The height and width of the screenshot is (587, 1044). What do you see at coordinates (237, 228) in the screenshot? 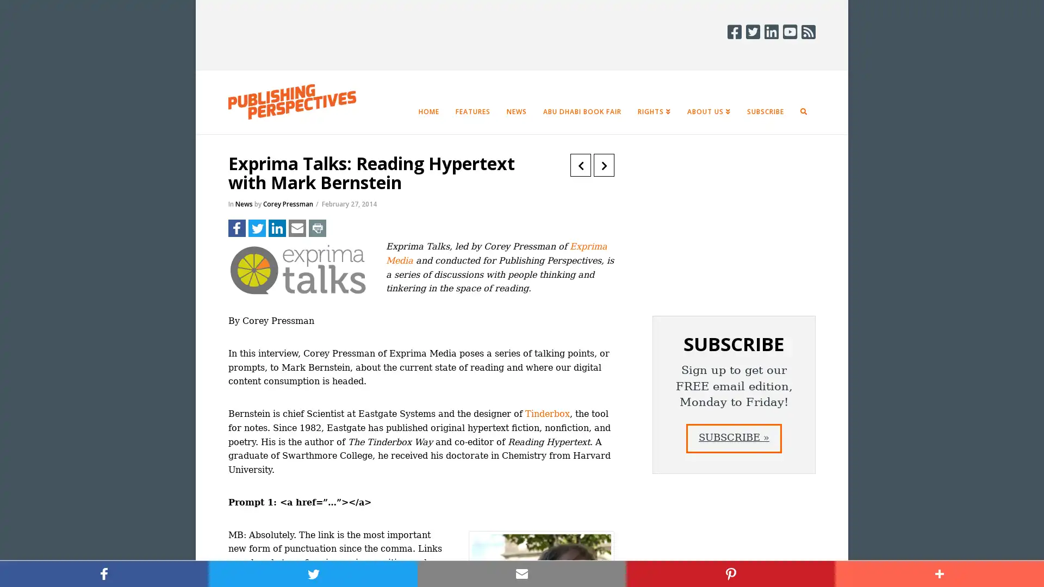
I see `Share to Facebook` at bounding box center [237, 228].